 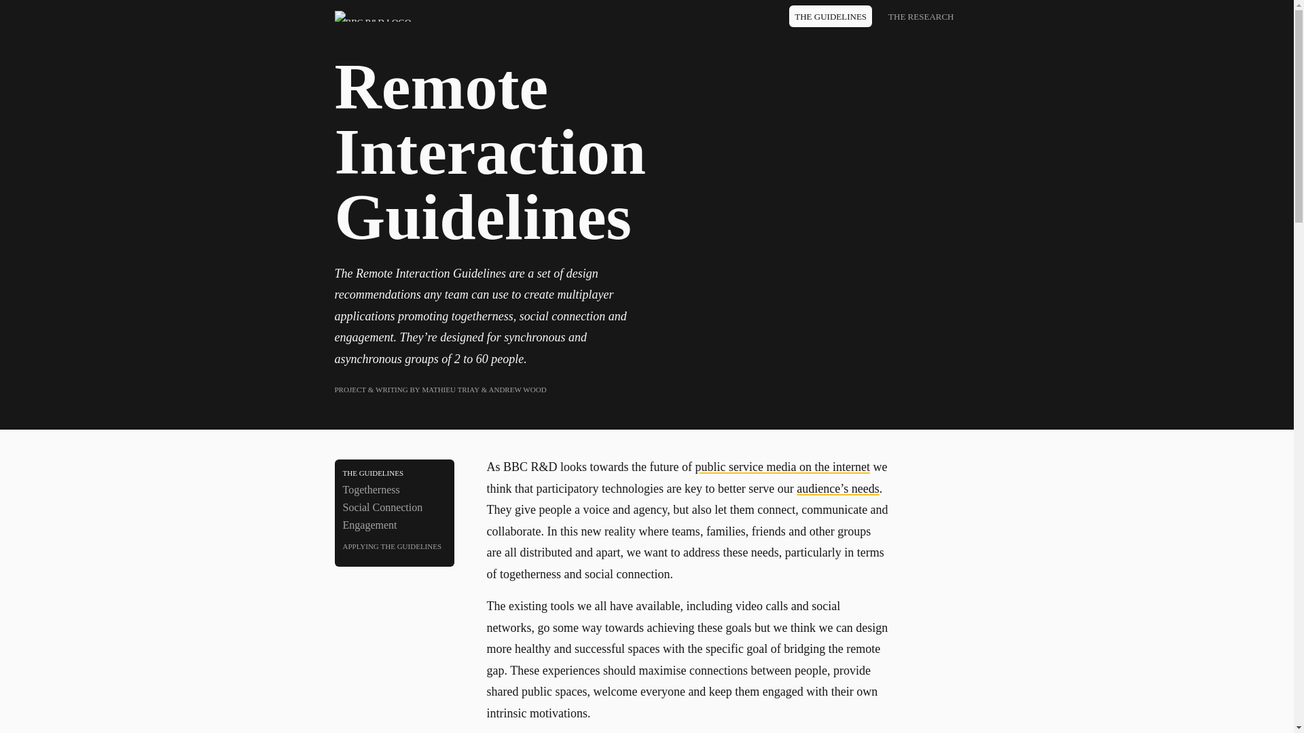 I want to click on 'The Research', so click(x=921, y=16).